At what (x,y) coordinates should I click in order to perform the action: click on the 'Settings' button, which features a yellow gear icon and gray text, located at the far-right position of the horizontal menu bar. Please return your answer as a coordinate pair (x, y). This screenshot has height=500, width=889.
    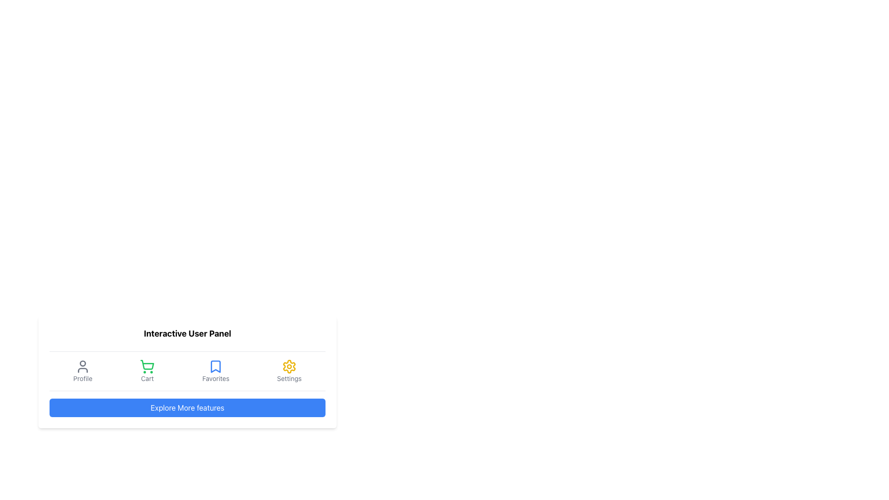
    Looking at the image, I should click on (288, 371).